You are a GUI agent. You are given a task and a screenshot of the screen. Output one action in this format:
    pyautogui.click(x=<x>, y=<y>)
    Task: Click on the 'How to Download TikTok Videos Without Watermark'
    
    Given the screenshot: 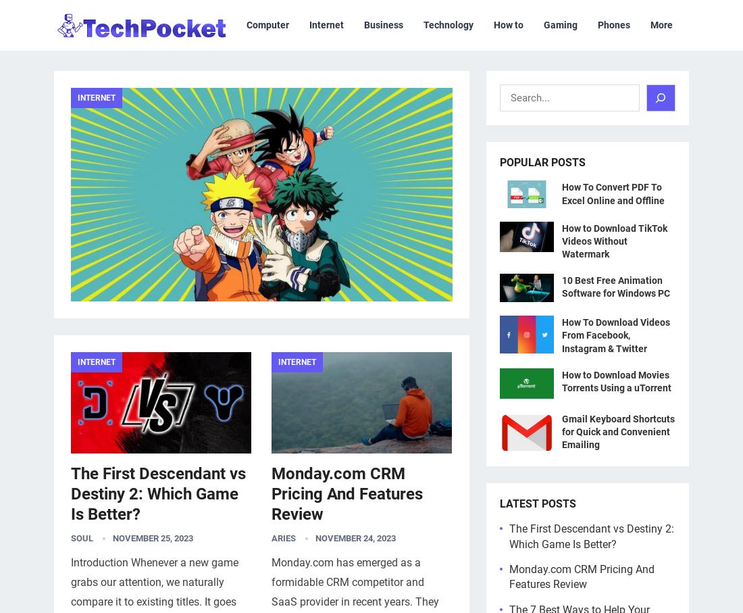 What is the action you would take?
    pyautogui.click(x=615, y=240)
    